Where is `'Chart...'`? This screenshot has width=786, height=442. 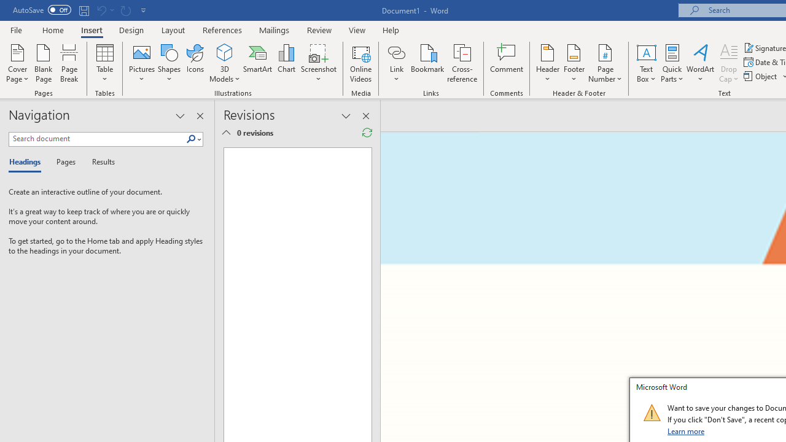 'Chart...' is located at coordinates (286, 63).